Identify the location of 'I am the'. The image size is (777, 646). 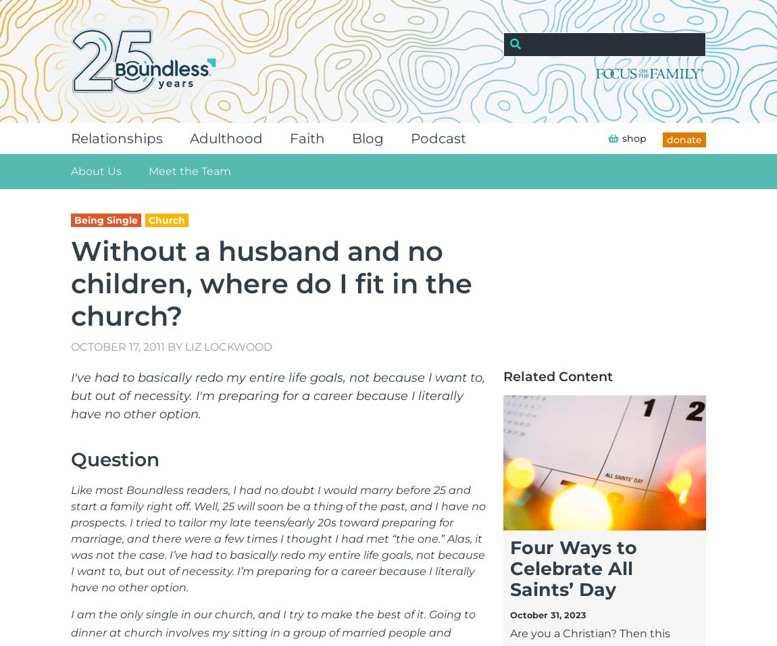
(95, 614).